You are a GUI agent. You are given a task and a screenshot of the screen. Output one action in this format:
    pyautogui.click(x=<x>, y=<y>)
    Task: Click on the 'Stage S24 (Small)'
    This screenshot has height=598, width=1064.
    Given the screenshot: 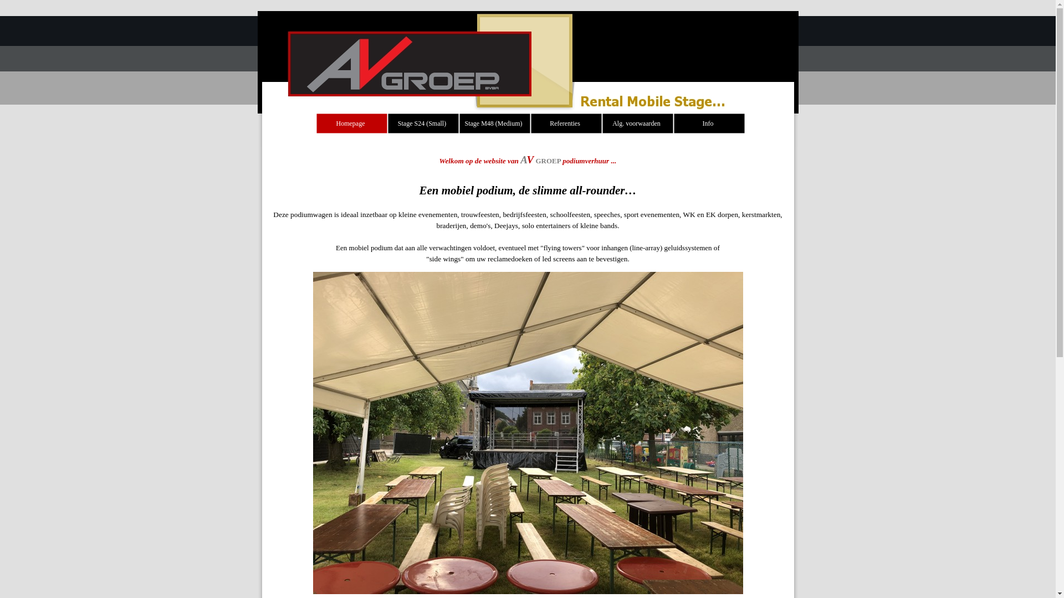 What is the action you would take?
    pyautogui.click(x=423, y=123)
    